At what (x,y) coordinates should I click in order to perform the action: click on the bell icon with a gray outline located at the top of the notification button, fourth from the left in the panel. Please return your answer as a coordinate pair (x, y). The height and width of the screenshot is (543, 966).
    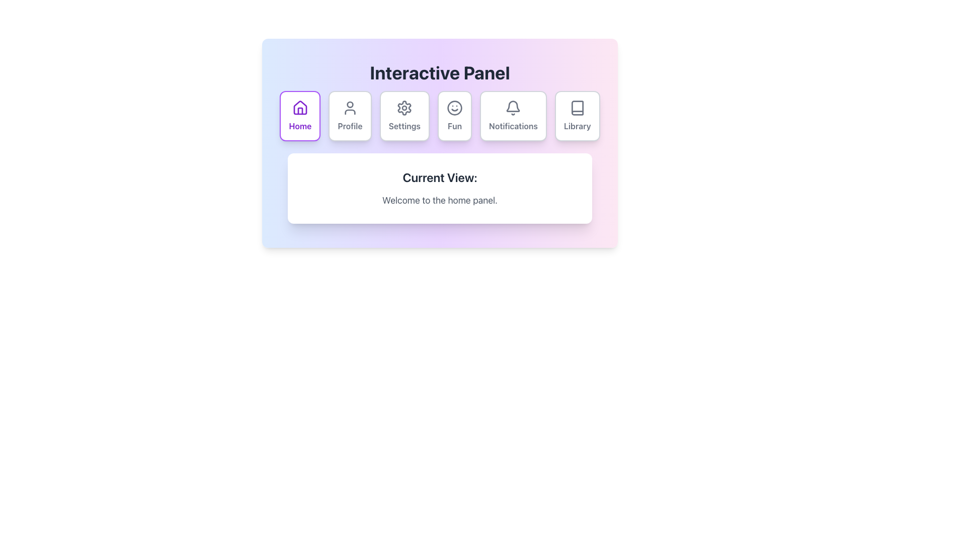
    Looking at the image, I should click on (513, 108).